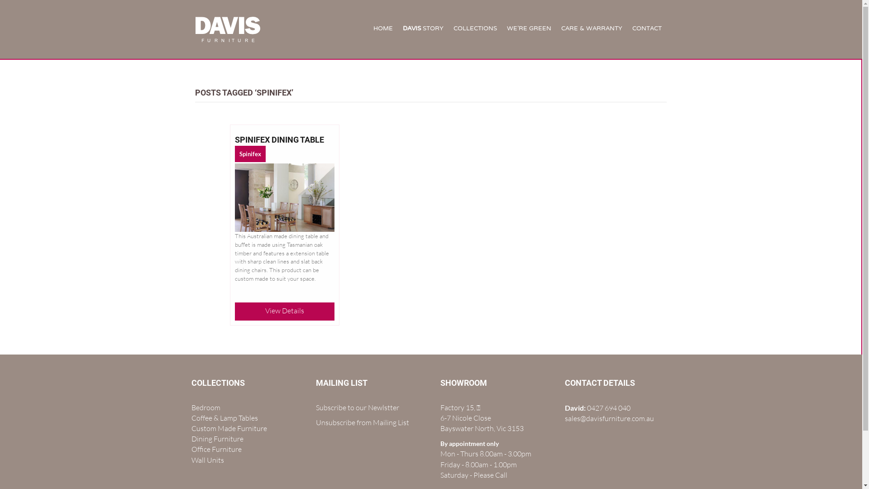  I want to click on 'Wall Units', so click(206, 460).